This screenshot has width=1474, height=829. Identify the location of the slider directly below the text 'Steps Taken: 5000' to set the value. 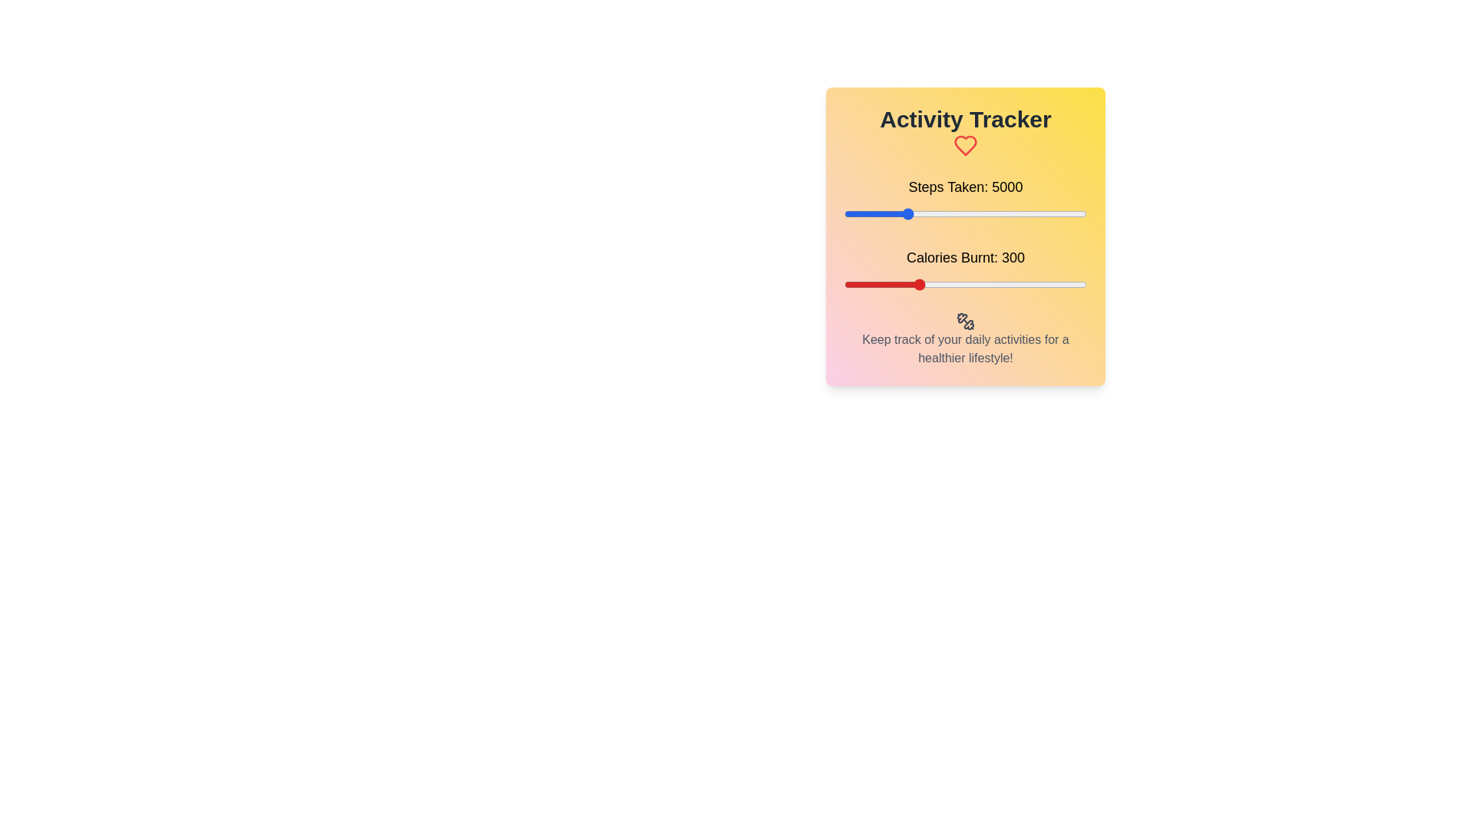
(964, 213).